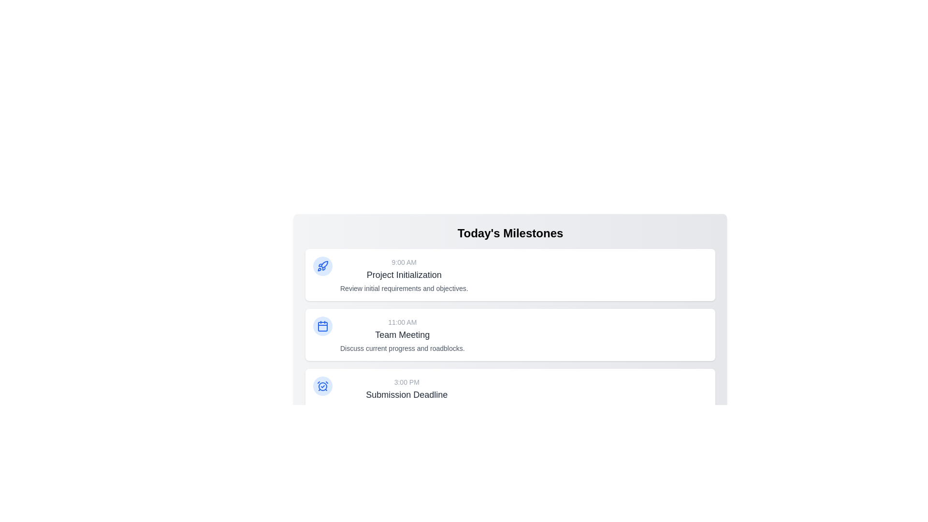 The width and height of the screenshot is (928, 522). Describe the element at coordinates (322, 386) in the screenshot. I see `the clock face element of the clock-themed icon adjacent to the 'Submission Deadline' text in the milestone list` at that location.